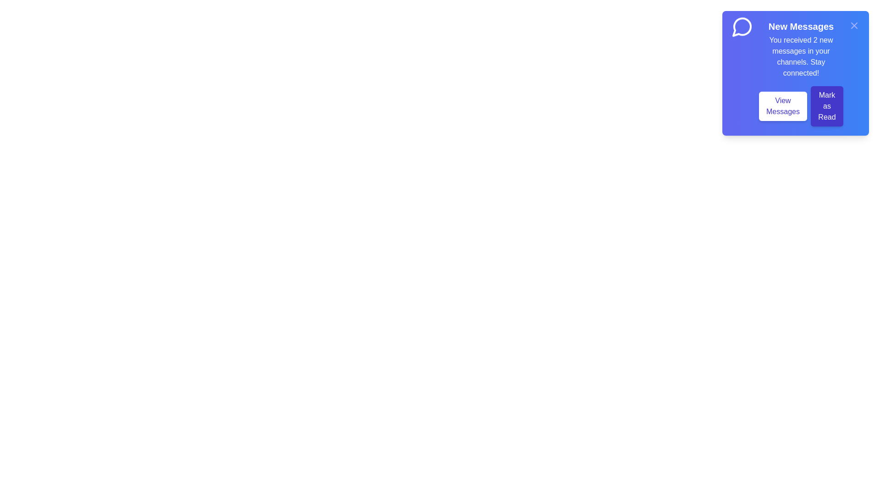 This screenshot has width=880, height=495. What do you see at coordinates (782, 105) in the screenshot?
I see `the 'View Messages' button to view the new messages` at bounding box center [782, 105].